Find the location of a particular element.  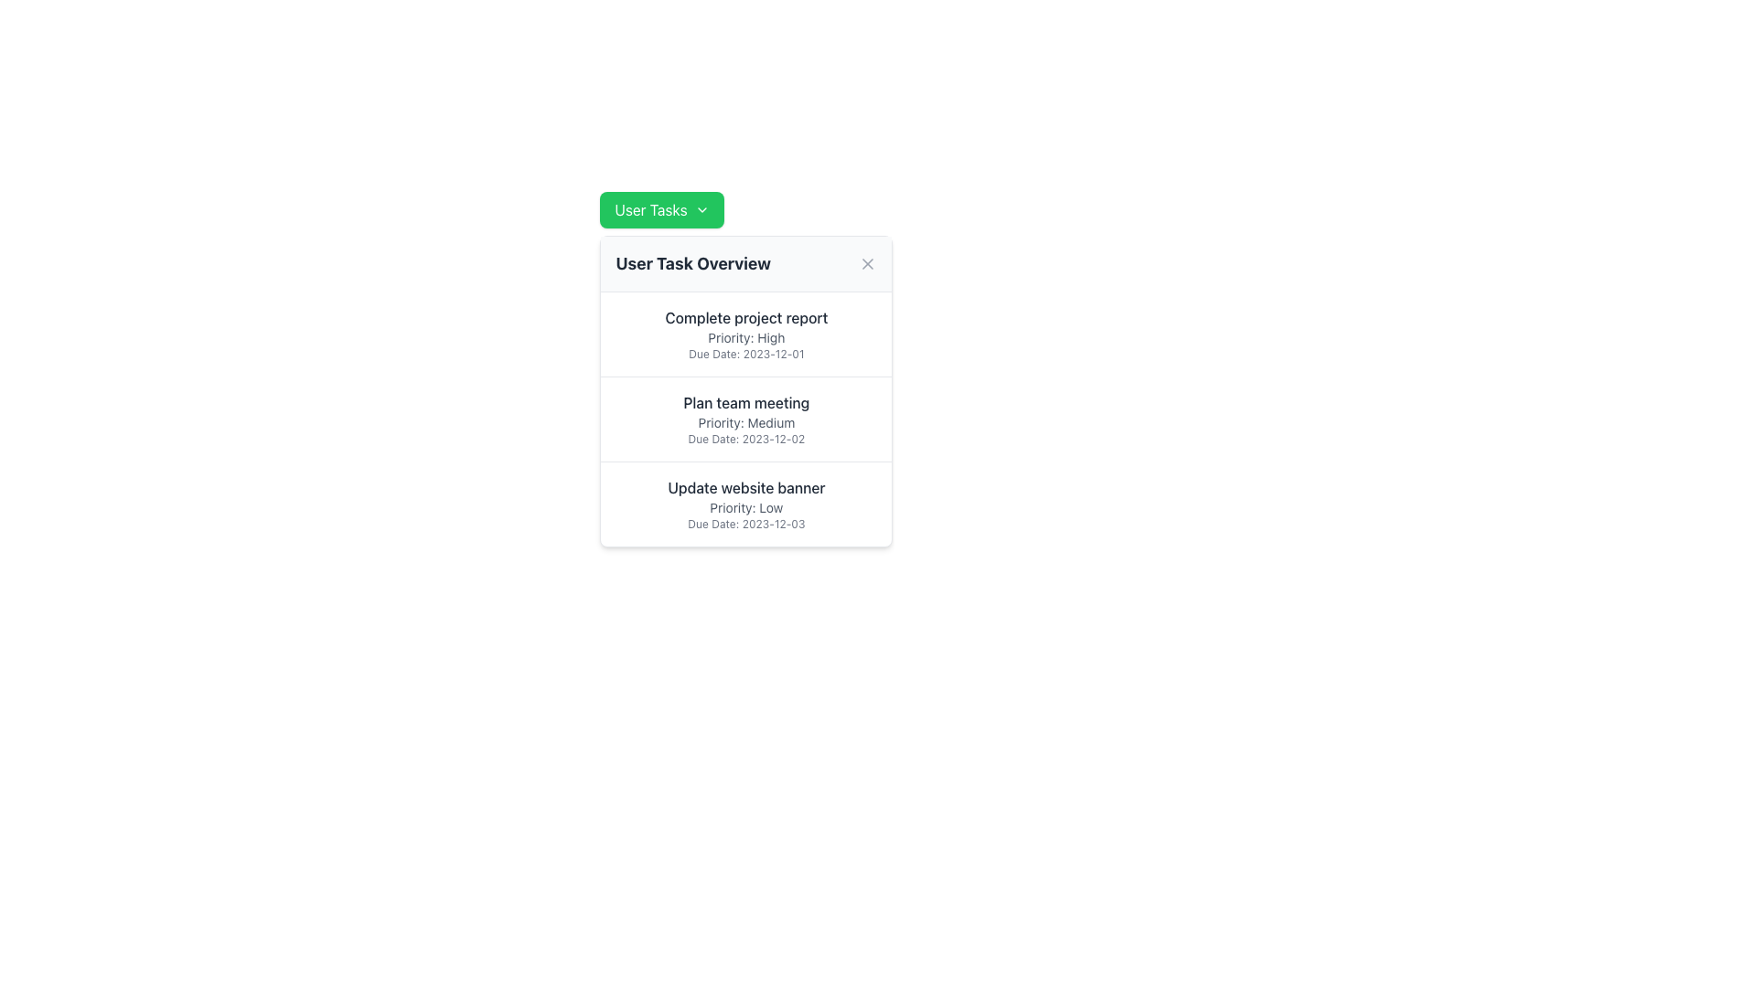

the close button icon resembling an 'X' located in the top-right corner of the 'User Task Overview' header section is located at coordinates (867, 264).